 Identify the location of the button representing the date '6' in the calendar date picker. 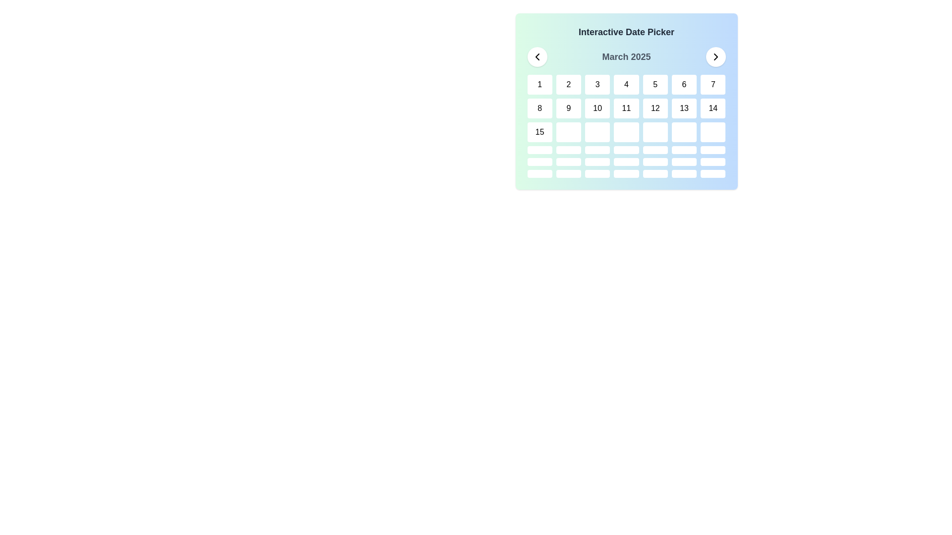
(684, 84).